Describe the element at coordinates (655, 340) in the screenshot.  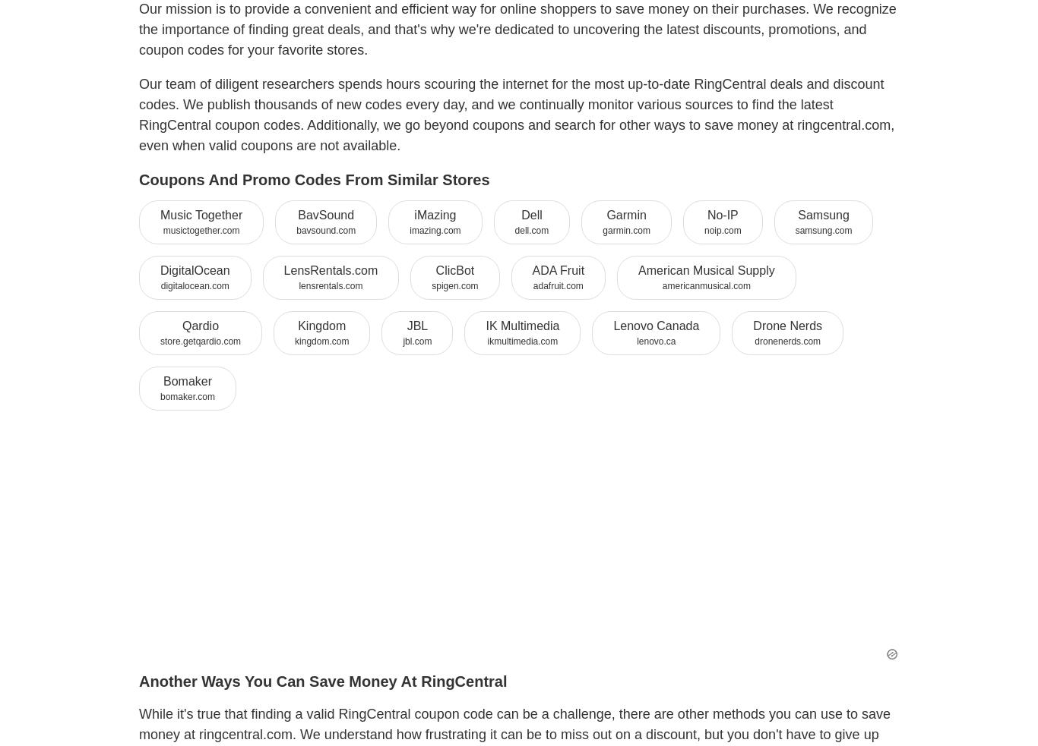
I see `'lenovo.ca'` at that location.